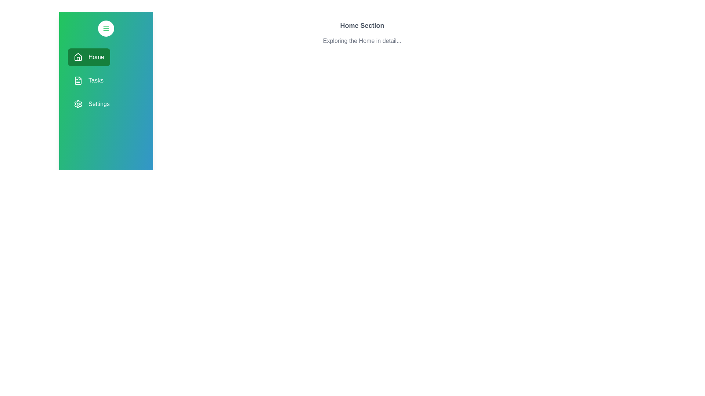  Describe the element at coordinates (95, 80) in the screenshot. I see `the 'Tasks' text label in the navigation menu, which is the second item below 'Home' and above 'Settings'` at that location.